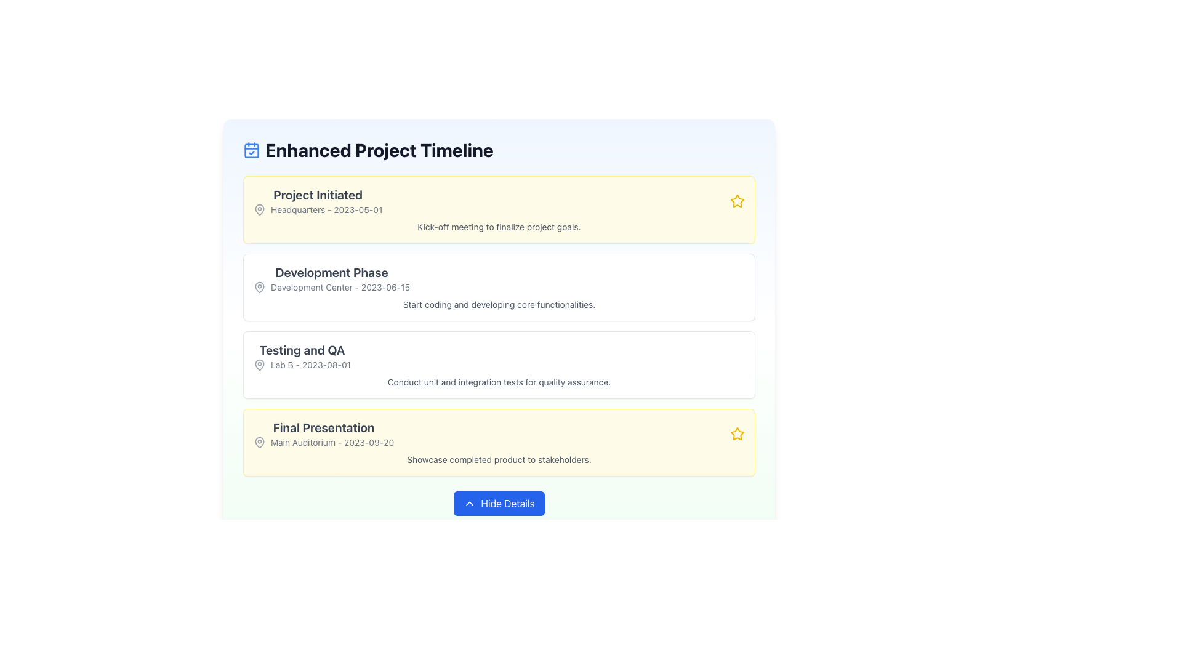 This screenshot has width=1182, height=665. What do you see at coordinates (302, 356) in the screenshot?
I see `the text element labeled 'Testing and QA' which includes the decorative location icon and is positioned in the third section of the timeline list` at bounding box center [302, 356].